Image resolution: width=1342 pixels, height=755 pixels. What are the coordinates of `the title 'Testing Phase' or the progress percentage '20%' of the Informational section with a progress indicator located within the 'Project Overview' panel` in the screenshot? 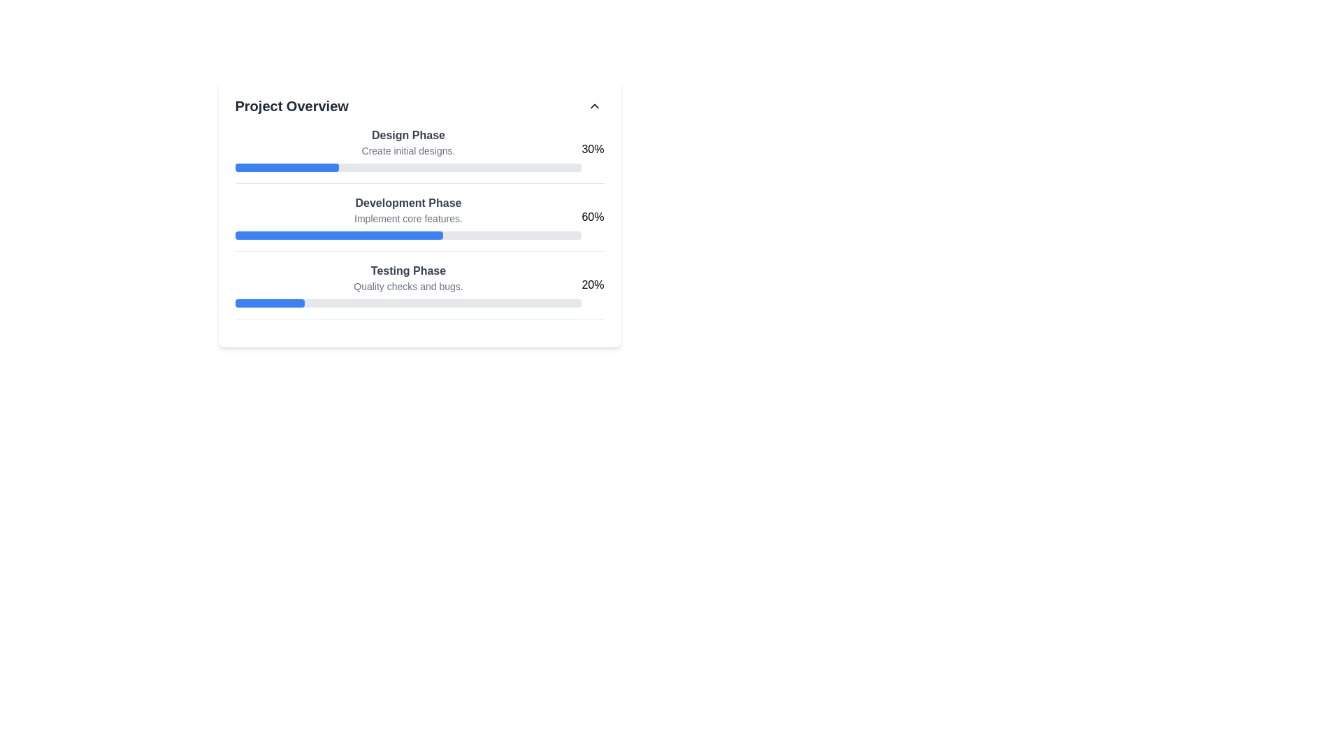 It's located at (419, 290).